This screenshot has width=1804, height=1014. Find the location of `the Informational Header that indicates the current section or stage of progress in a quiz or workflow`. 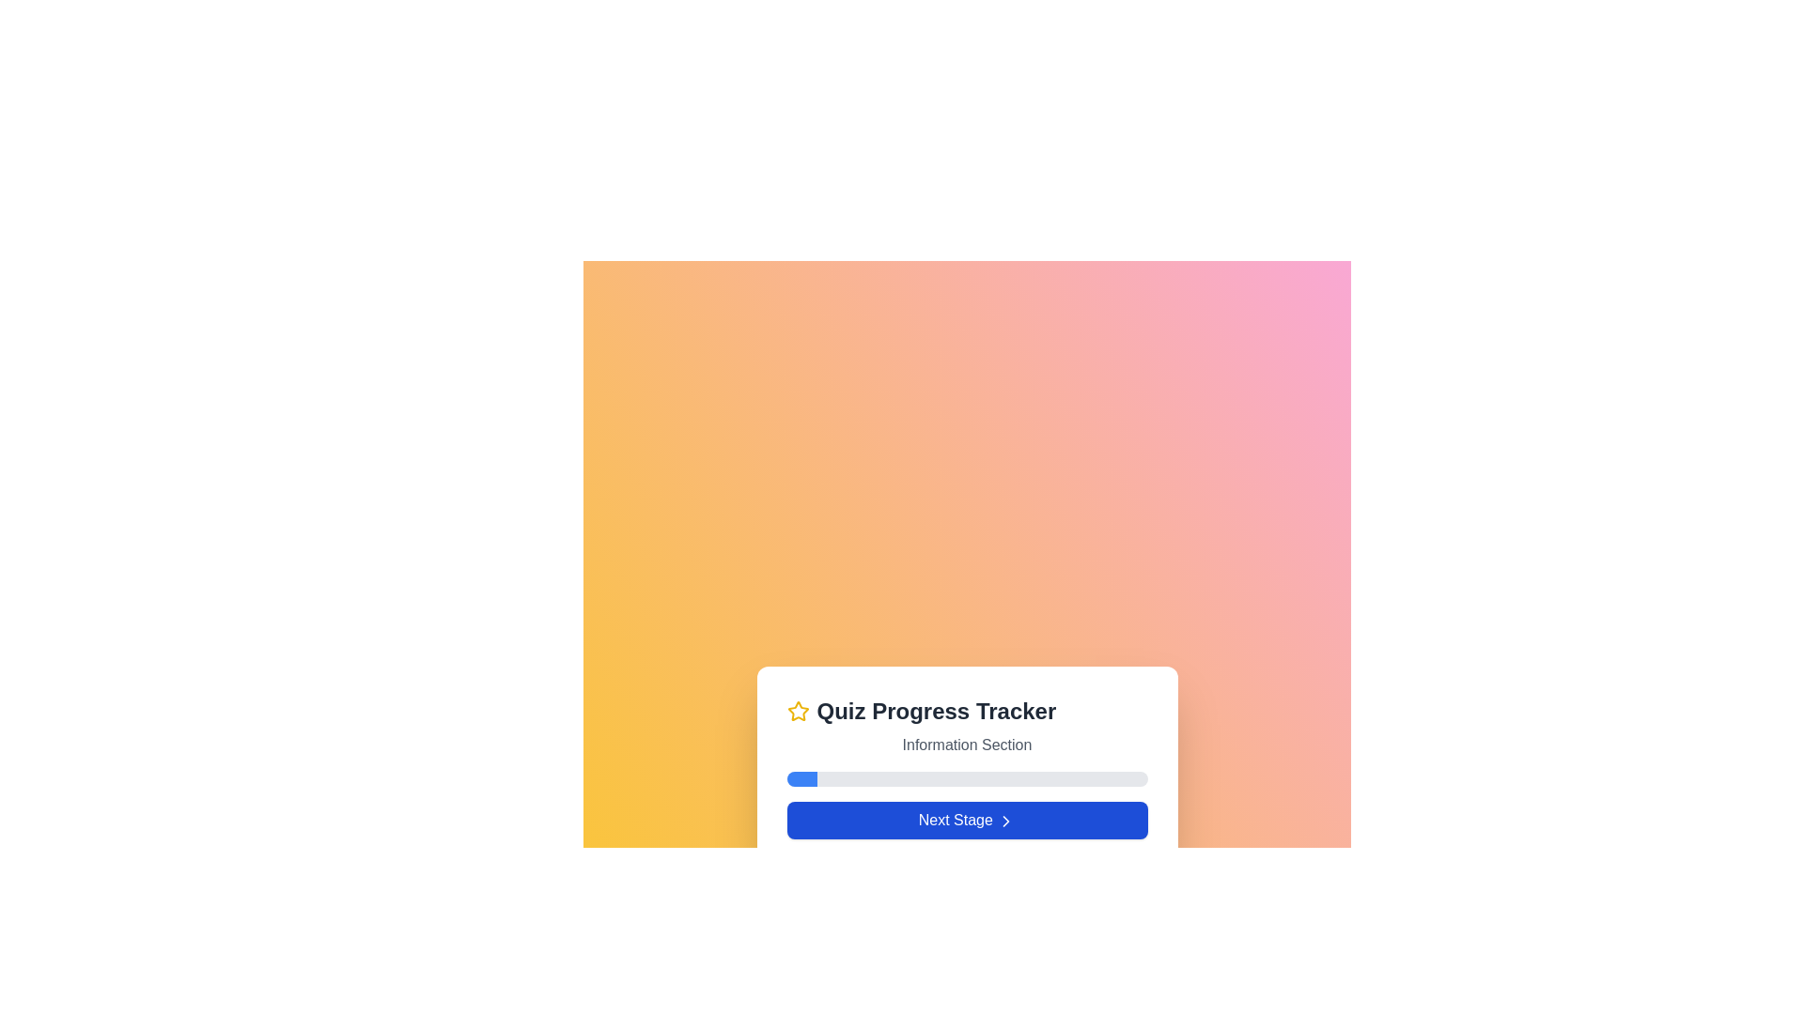

the Informational Header that indicates the current section or stage of progress in a quiz or workflow is located at coordinates (967, 726).